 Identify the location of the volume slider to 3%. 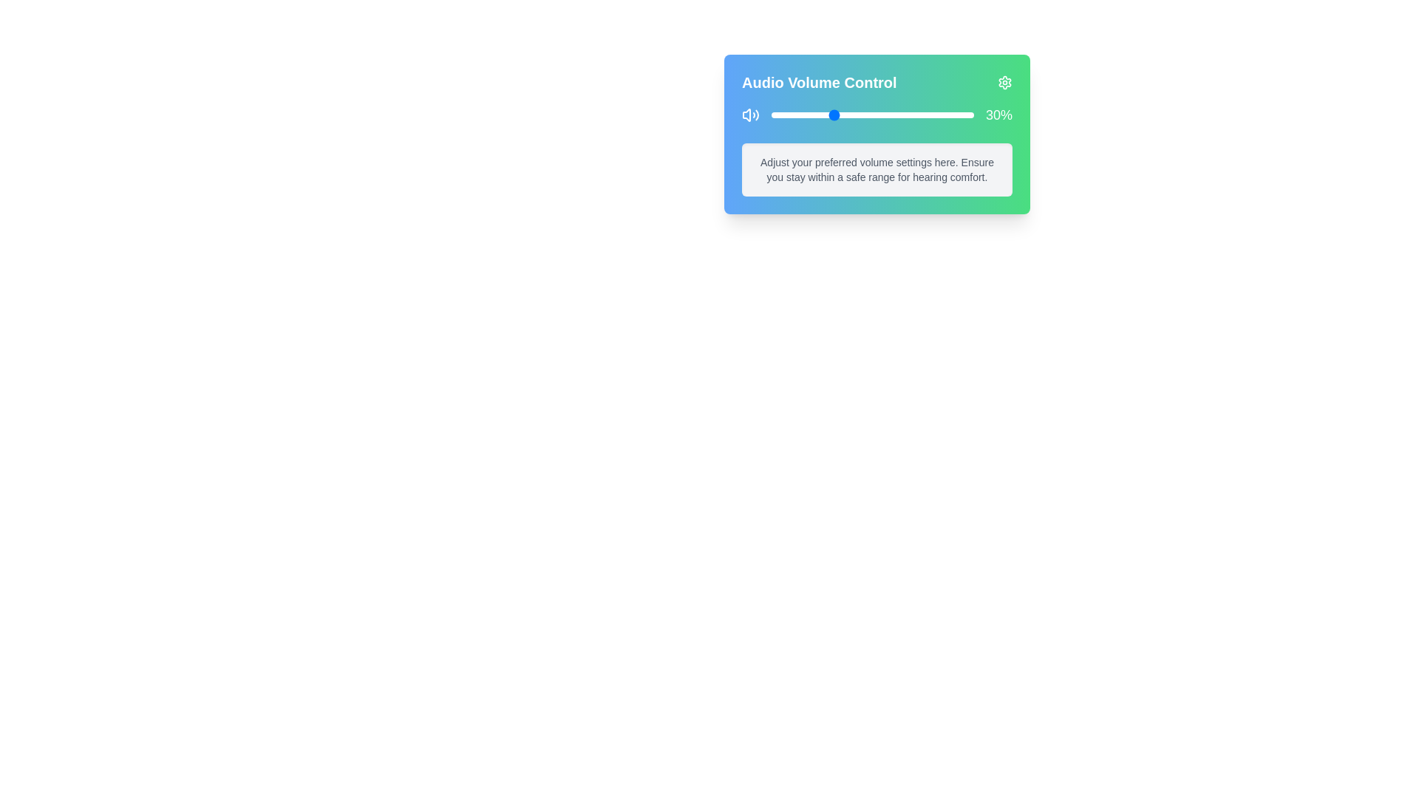
(777, 114).